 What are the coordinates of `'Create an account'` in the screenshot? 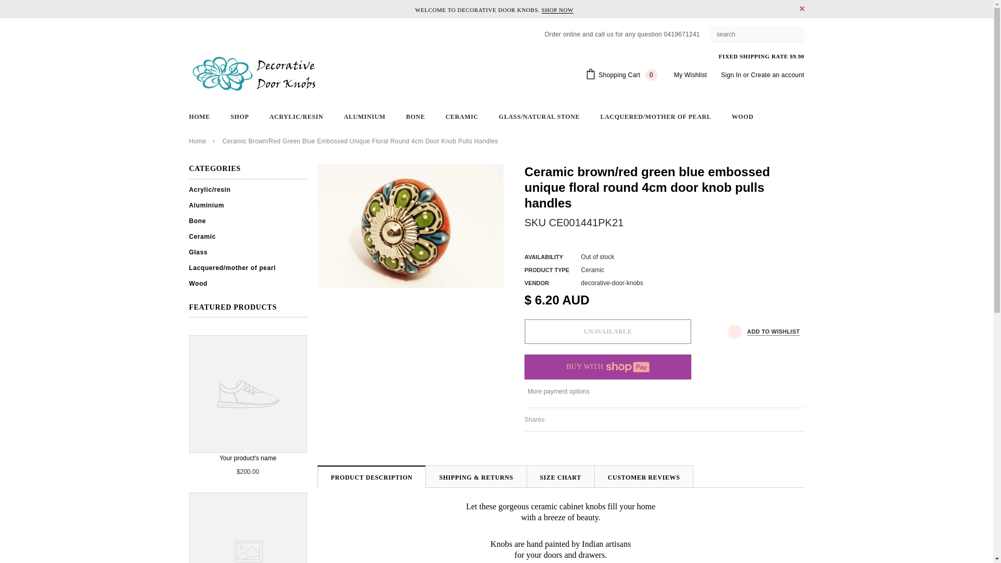 It's located at (777, 74).